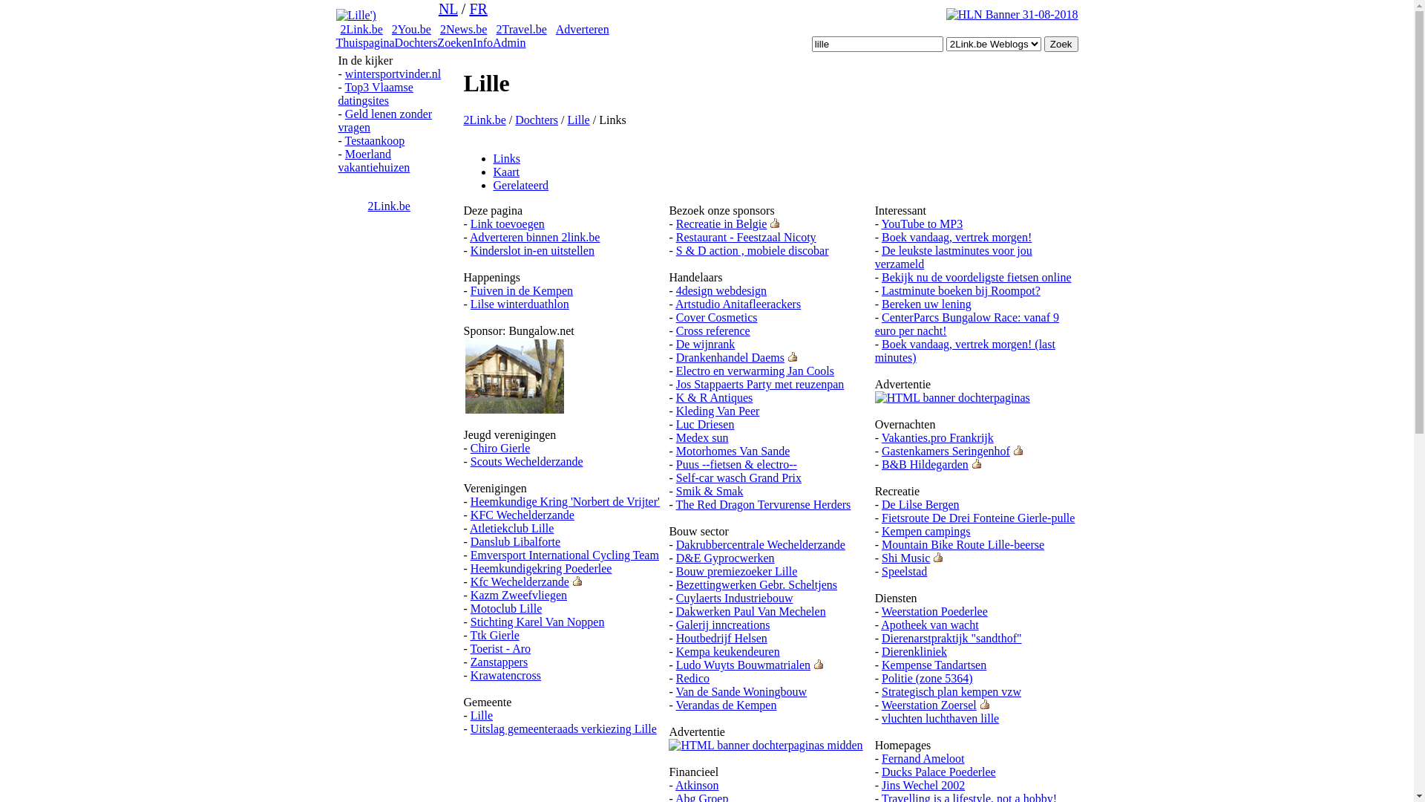  Describe the element at coordinates (725, 558) in the screenshot. I see `'D&E Gyprocwerken'` at that location.